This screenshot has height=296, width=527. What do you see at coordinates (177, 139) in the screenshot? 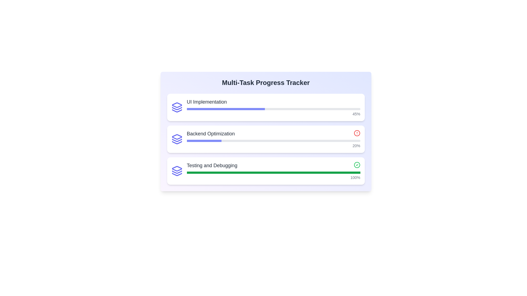
I see `the blue stack-like icon composed of three interlocked lines, located to the left of the 'Backend Optimization' progress tracking entry, near the beginning of the second progress bar` at bounding box center [177, 139].